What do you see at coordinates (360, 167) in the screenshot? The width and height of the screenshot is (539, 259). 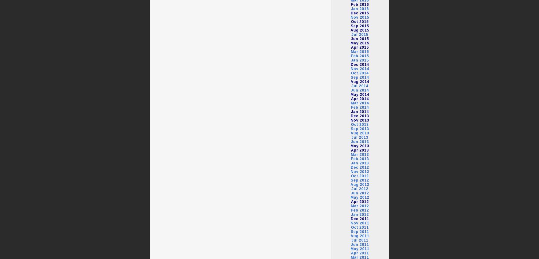 I see `'Dec 2012'` at bounding box center [360, 167].